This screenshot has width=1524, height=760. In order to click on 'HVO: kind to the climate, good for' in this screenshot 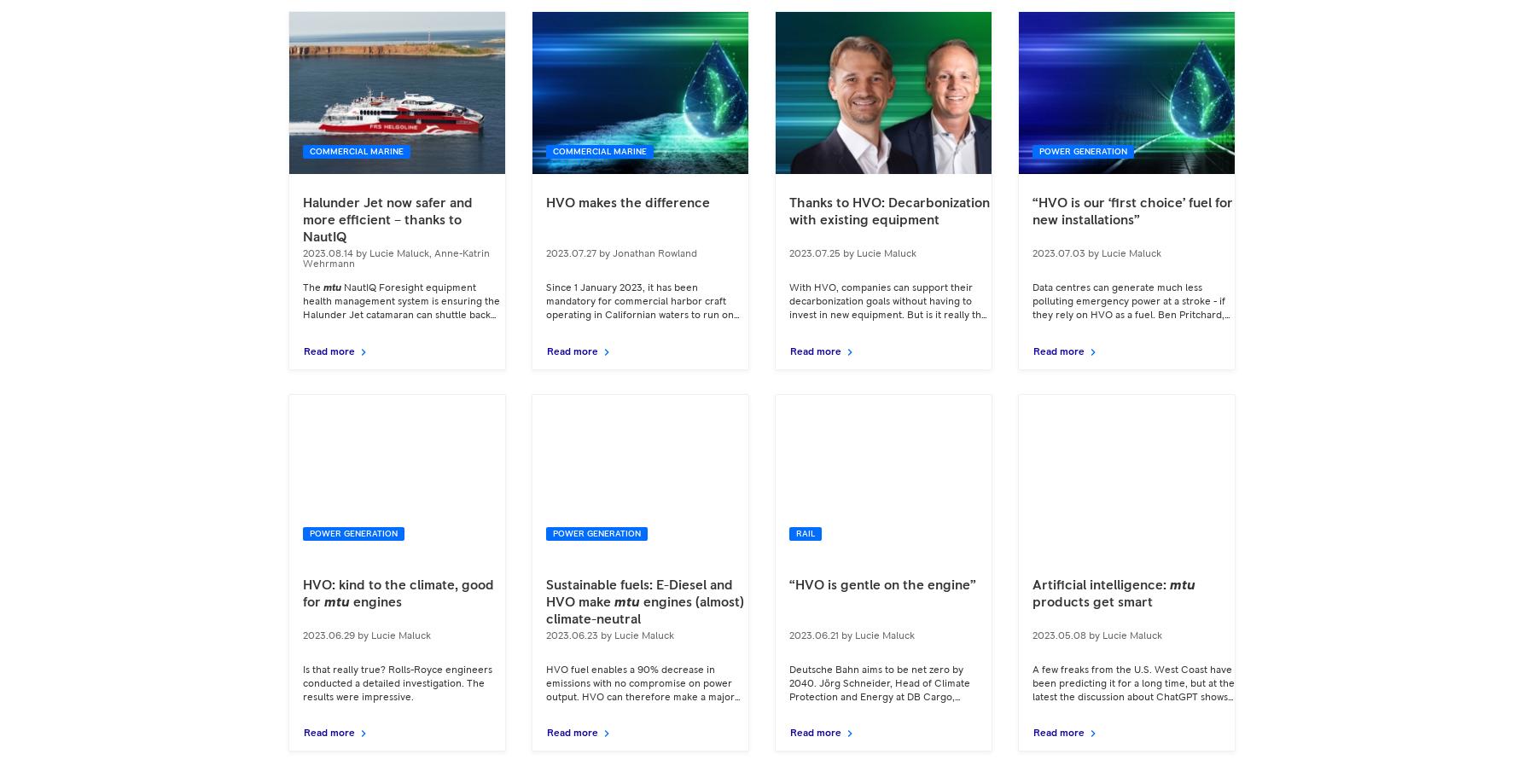, I will do `click(398, 592)`.